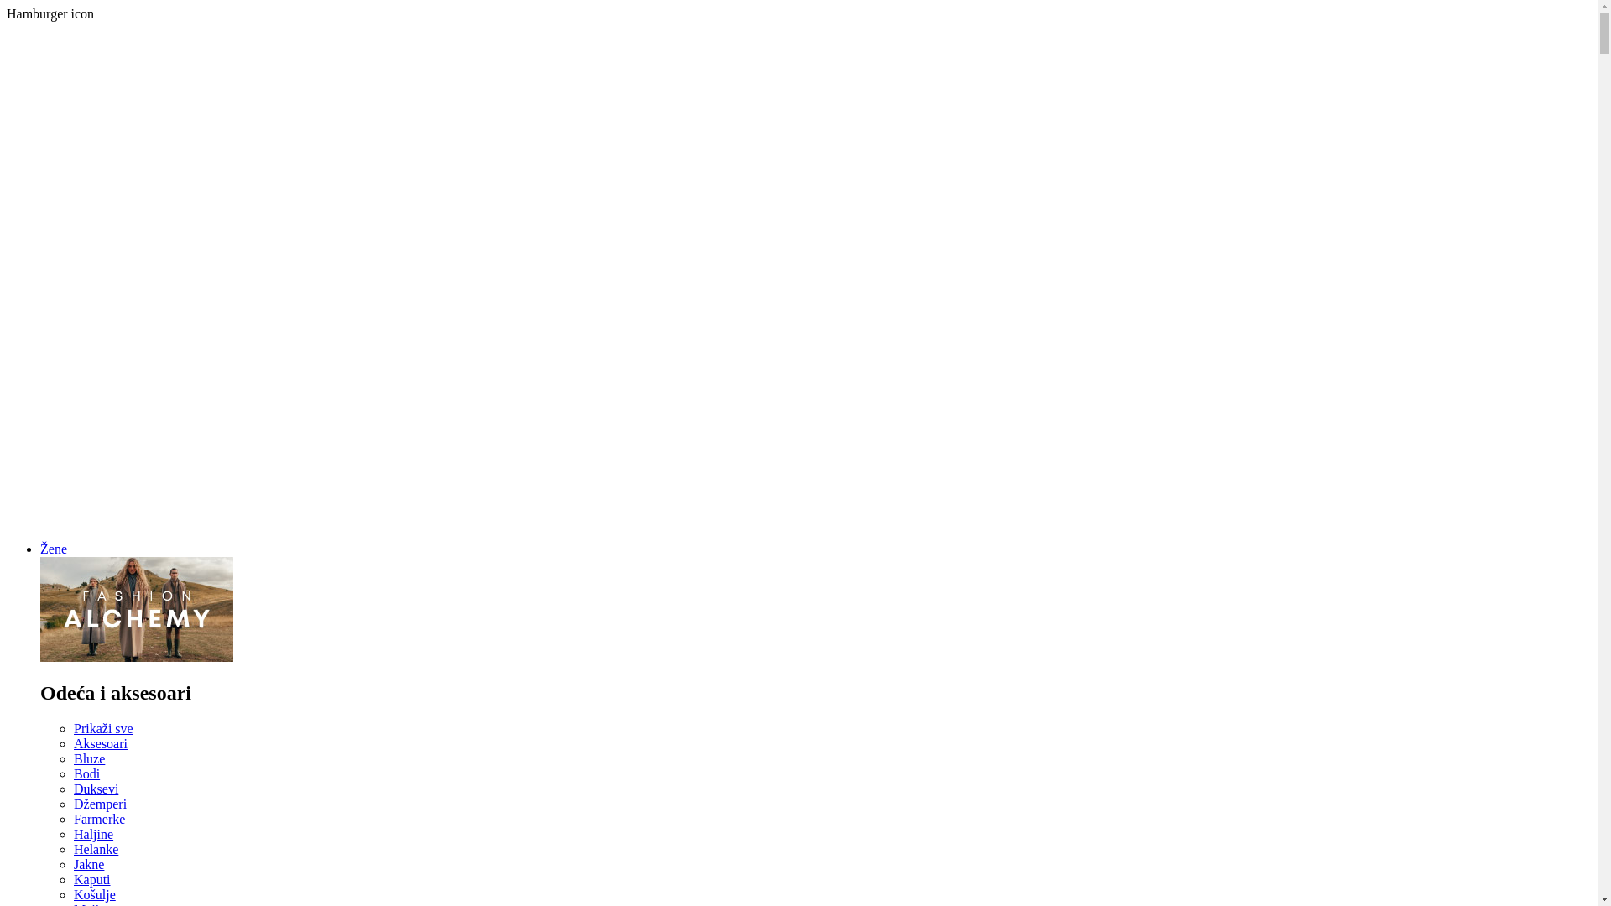 This screenshot has height=906, width=1611. What do you see at coordinates (98, 818) in the screenshot?
I see `'Farmerke'` at bounding box center [98, 818].